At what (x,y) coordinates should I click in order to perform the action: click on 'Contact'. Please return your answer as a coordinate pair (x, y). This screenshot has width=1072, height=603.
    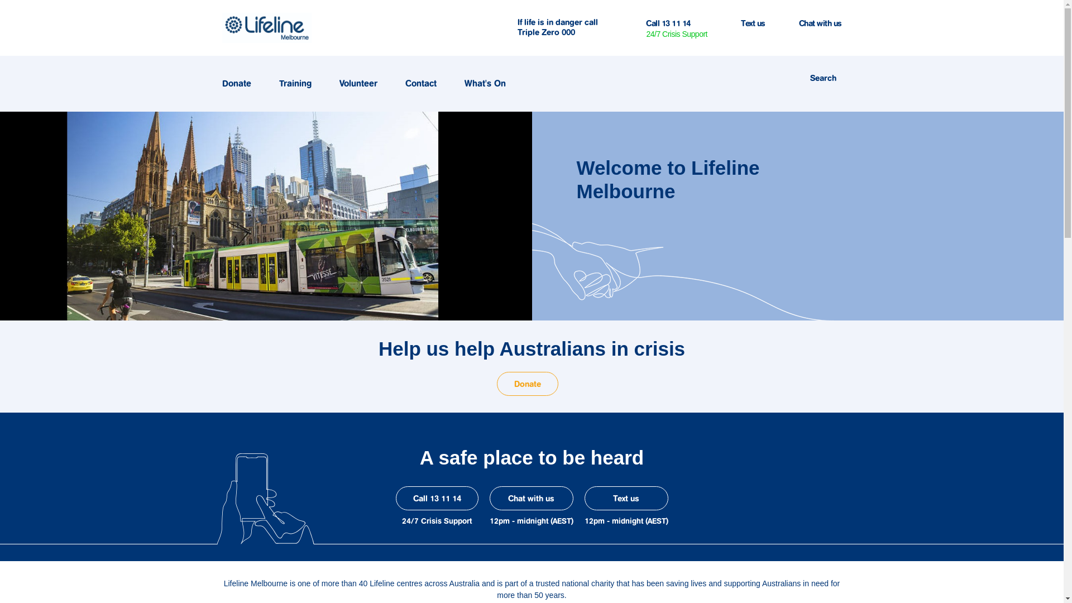
    Looking at the image, I should click on (425, 83).